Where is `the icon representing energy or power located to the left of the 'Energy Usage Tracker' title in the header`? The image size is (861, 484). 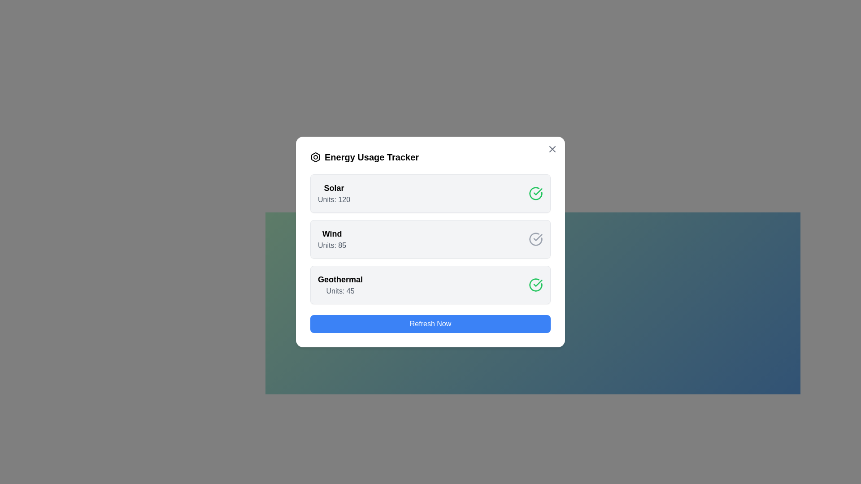 the icon representing energy or power located to the left of the 'Energy Usage Tracker' title in the header is located at coordinates (316, 157).